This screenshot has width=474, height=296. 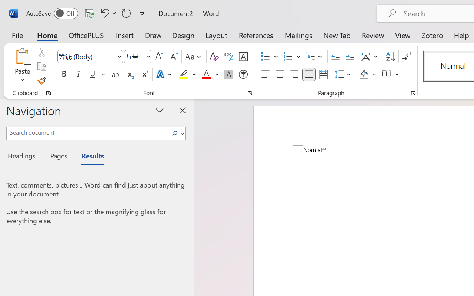 I want to click on 'Center', so click(x=280, y=74).